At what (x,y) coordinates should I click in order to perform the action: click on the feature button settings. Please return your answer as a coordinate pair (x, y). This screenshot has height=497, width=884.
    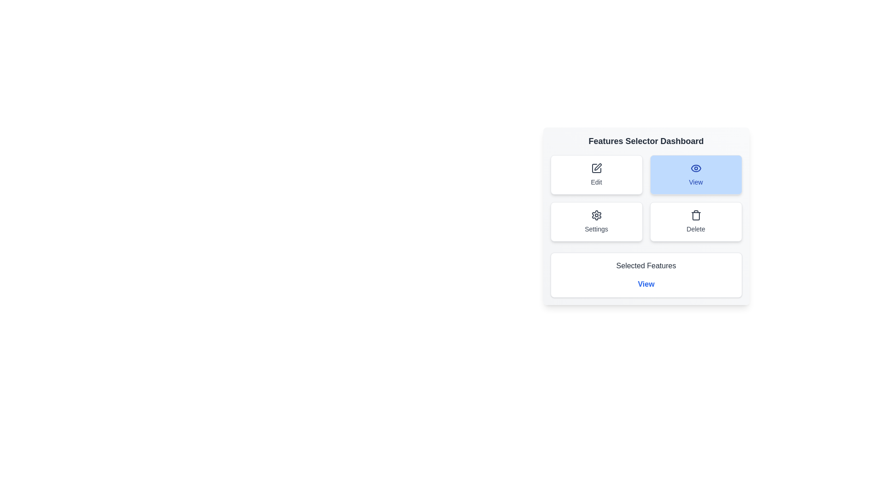
    Looking at the image, I should click on (596, 222).